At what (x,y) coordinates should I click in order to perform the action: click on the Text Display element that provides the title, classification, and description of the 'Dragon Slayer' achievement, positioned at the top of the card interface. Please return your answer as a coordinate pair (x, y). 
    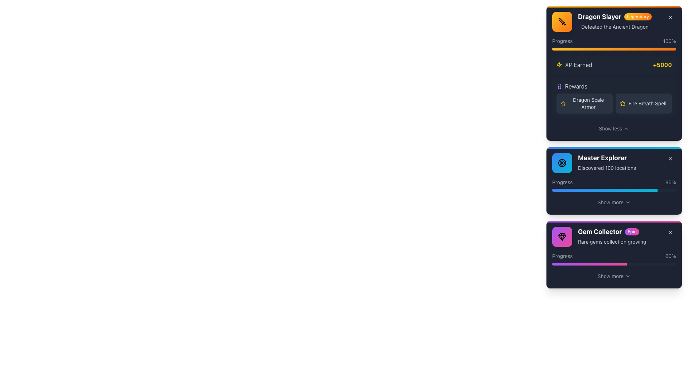
    Looking at the image, I should click on (615, 21).